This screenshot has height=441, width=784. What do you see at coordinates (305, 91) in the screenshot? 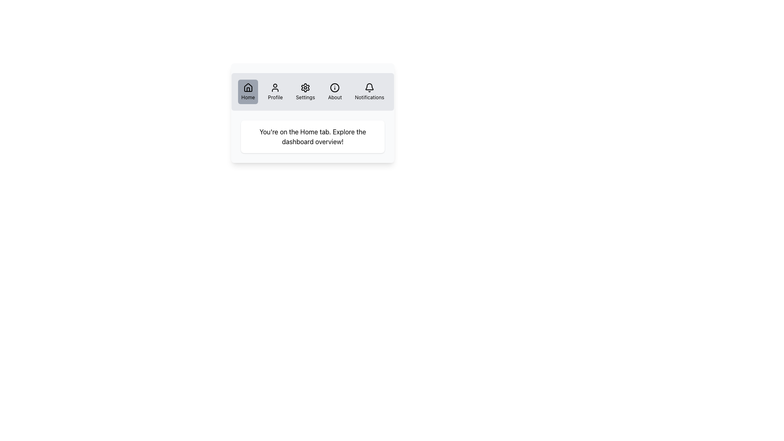
I see `the 'Settings' button, which is a vertically arranged button with a gear icon and a label, located in the navigation bar between 'Profile' and 'About' buttons` at bounding box center [305, 91].